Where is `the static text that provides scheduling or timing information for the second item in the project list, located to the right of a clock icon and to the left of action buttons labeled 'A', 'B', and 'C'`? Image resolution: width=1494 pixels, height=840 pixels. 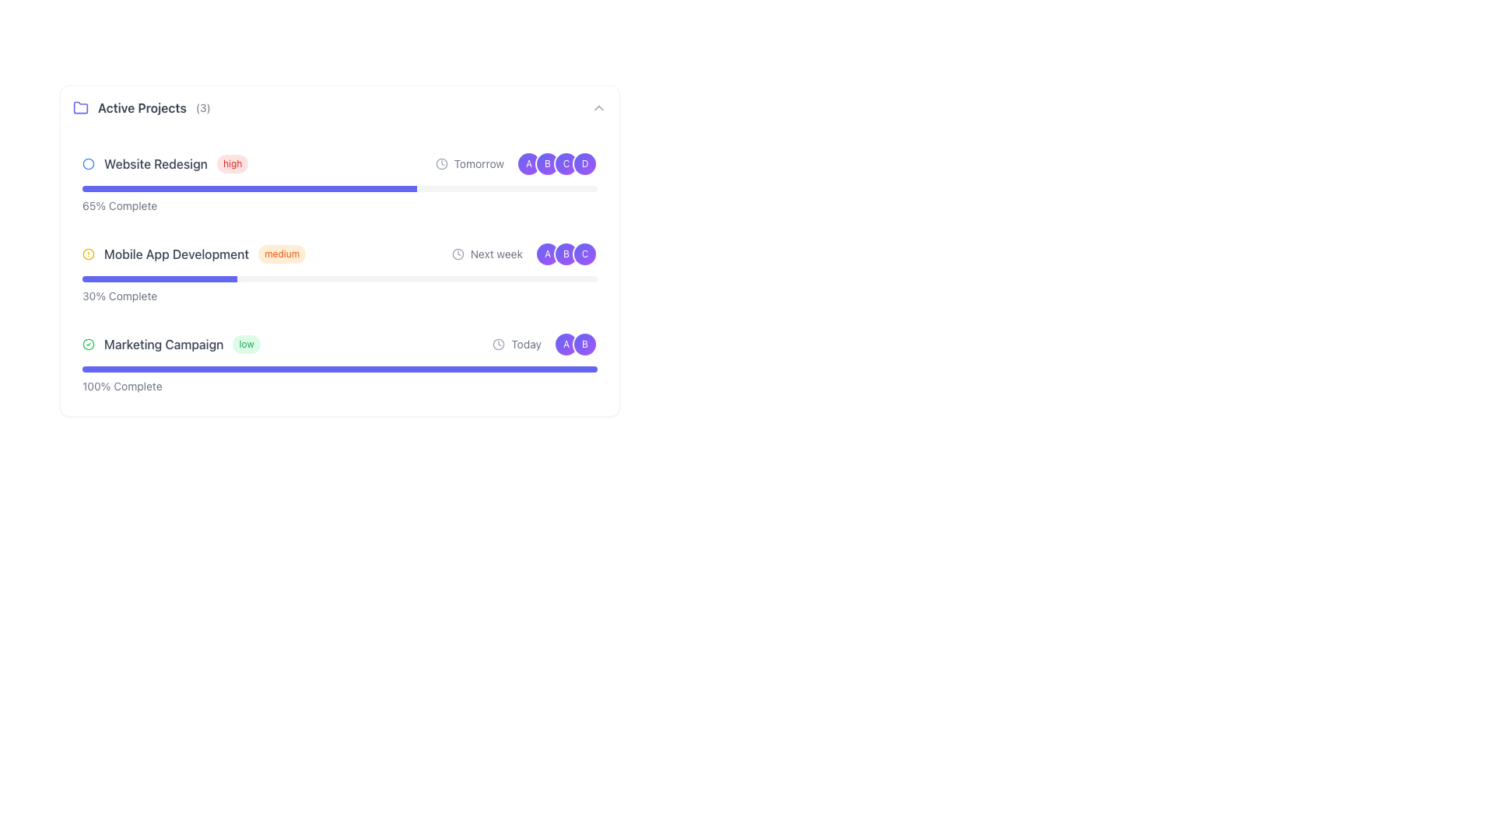 the static text that provides scheduling or timing information for the second item in the project list, located to the right of a clock icon and to the left of action buttons labeled 'A', 'B', and 'C' is located at coordinates (496, 254).